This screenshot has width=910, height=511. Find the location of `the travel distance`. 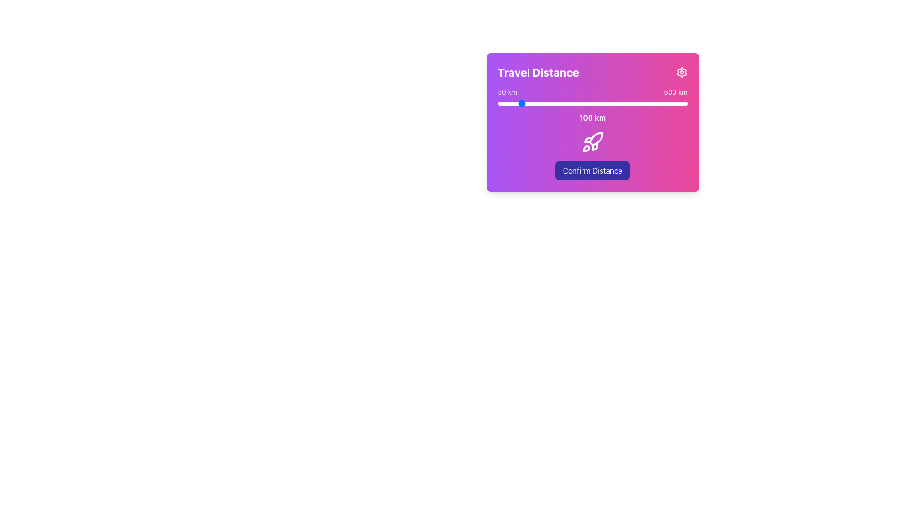

the travel distance is located at coordinates (661, 104).